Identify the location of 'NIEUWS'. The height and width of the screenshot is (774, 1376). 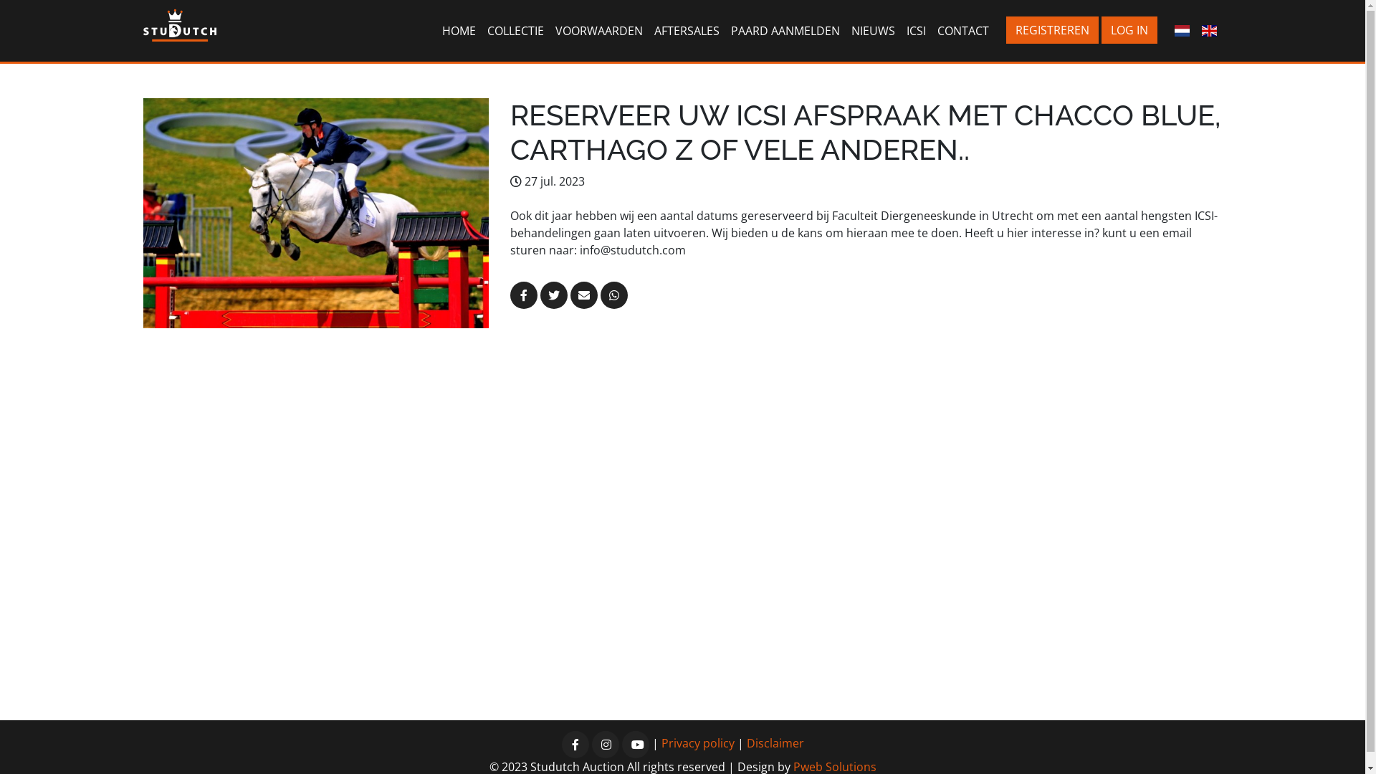
(846, 30).